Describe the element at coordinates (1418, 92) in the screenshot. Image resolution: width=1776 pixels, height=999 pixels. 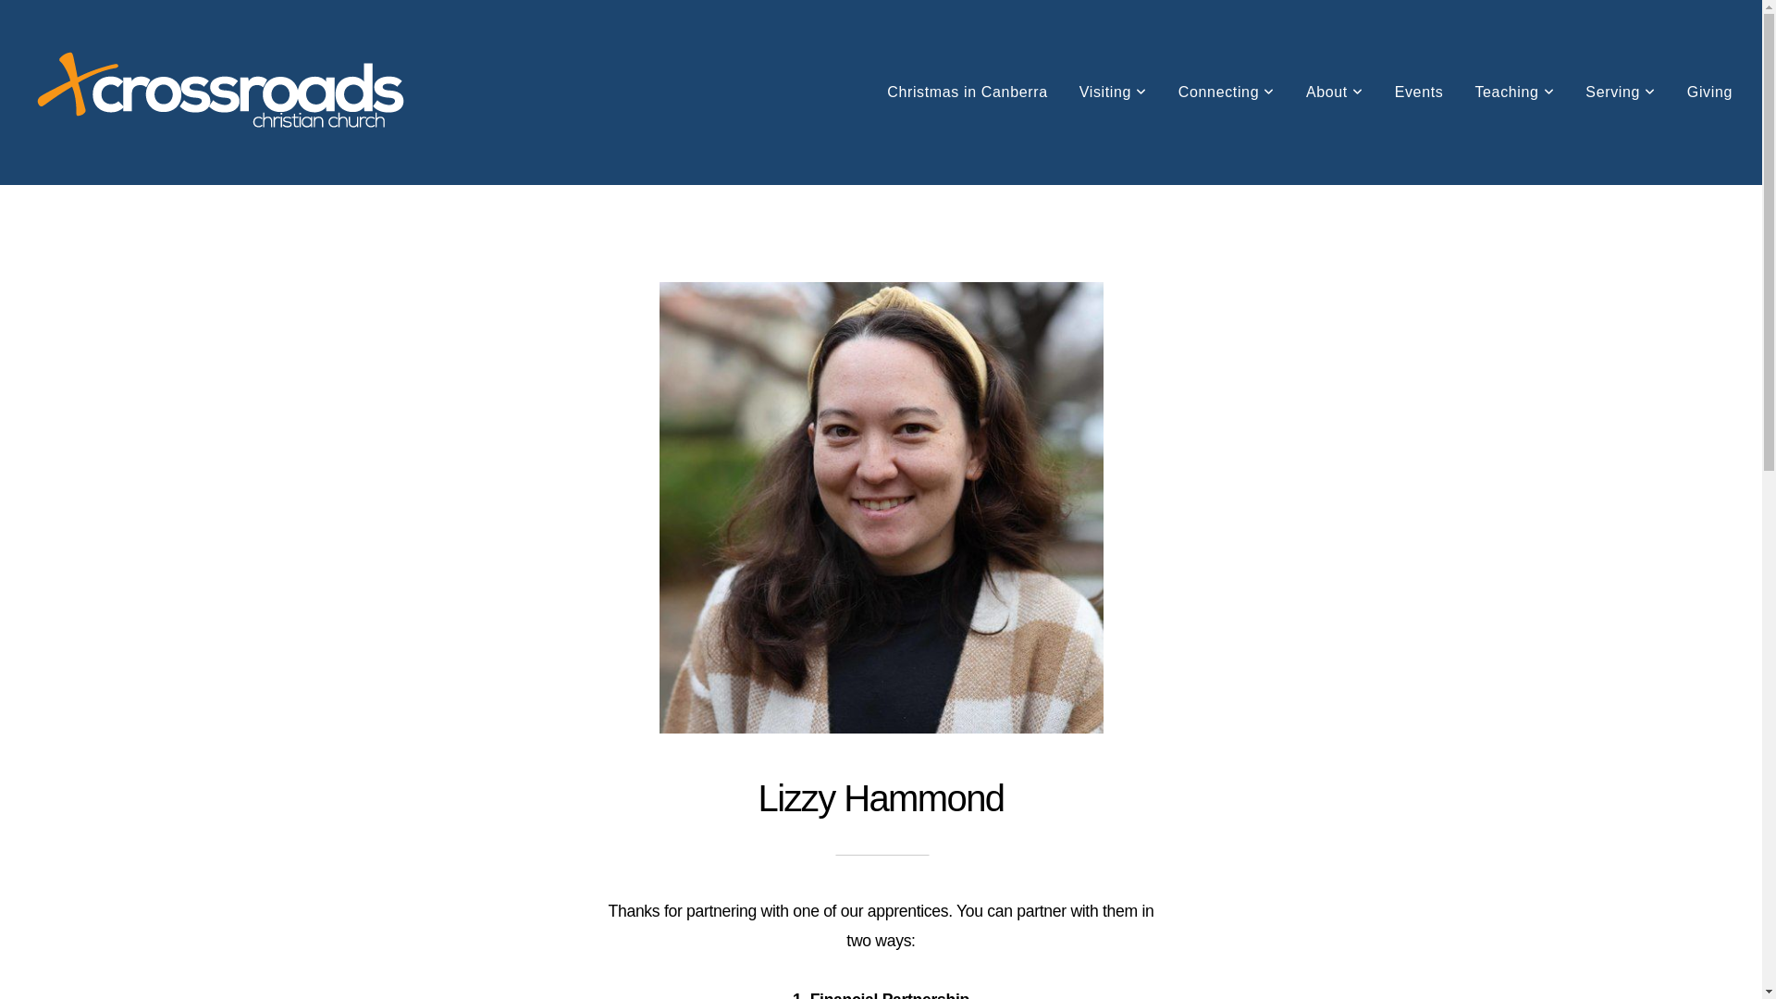
I see `'Events'` at that location.